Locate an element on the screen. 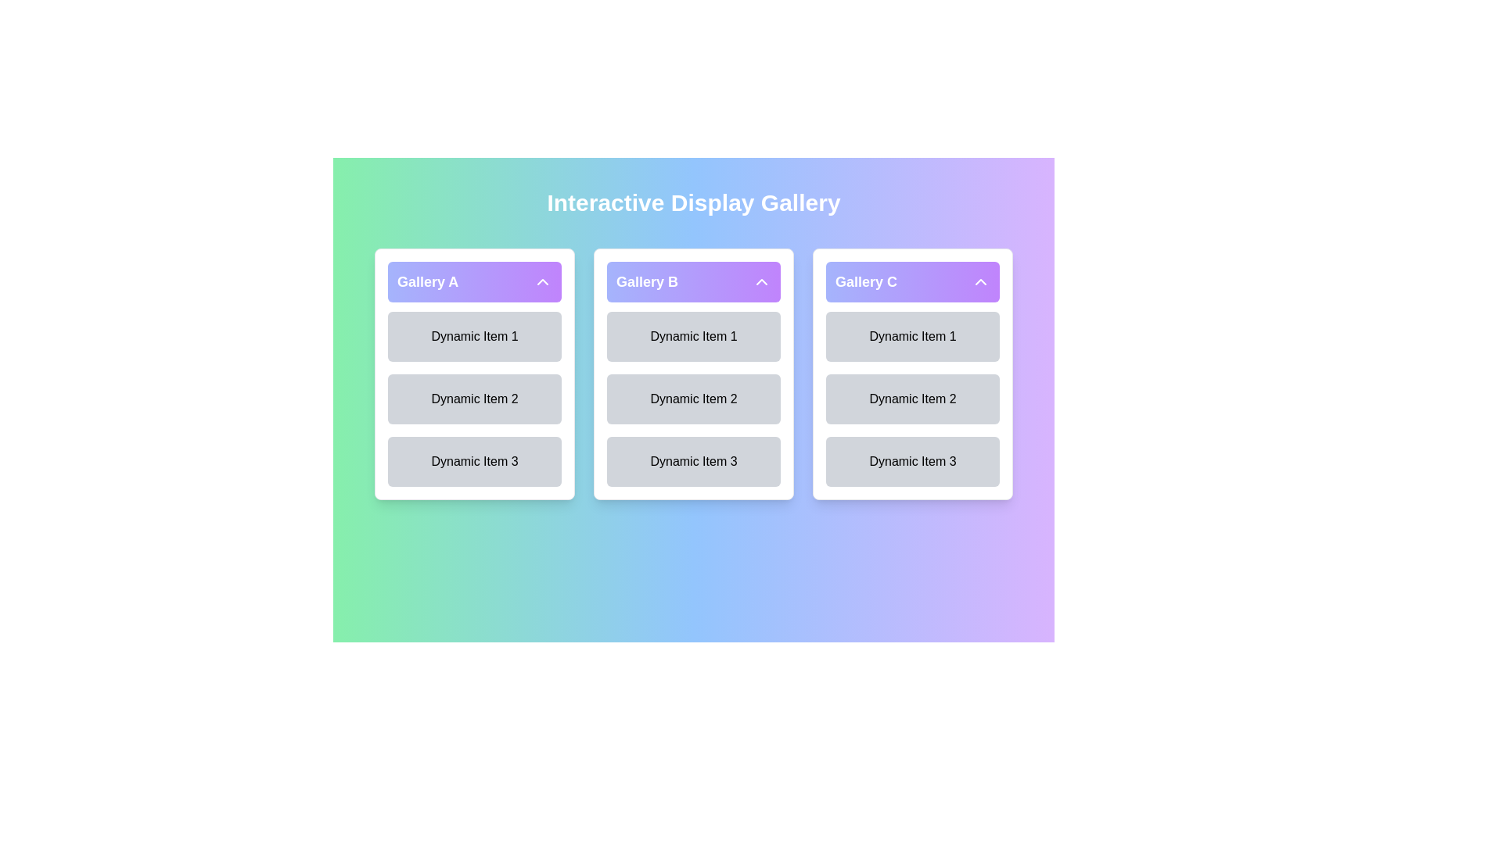 This screenshot has height=844, width=1502. the gray rectangular box with rounded corners and centered text reading 'Dynamic Item 2' located in the 'Gallery C' section is located at coordinates (912, 374).